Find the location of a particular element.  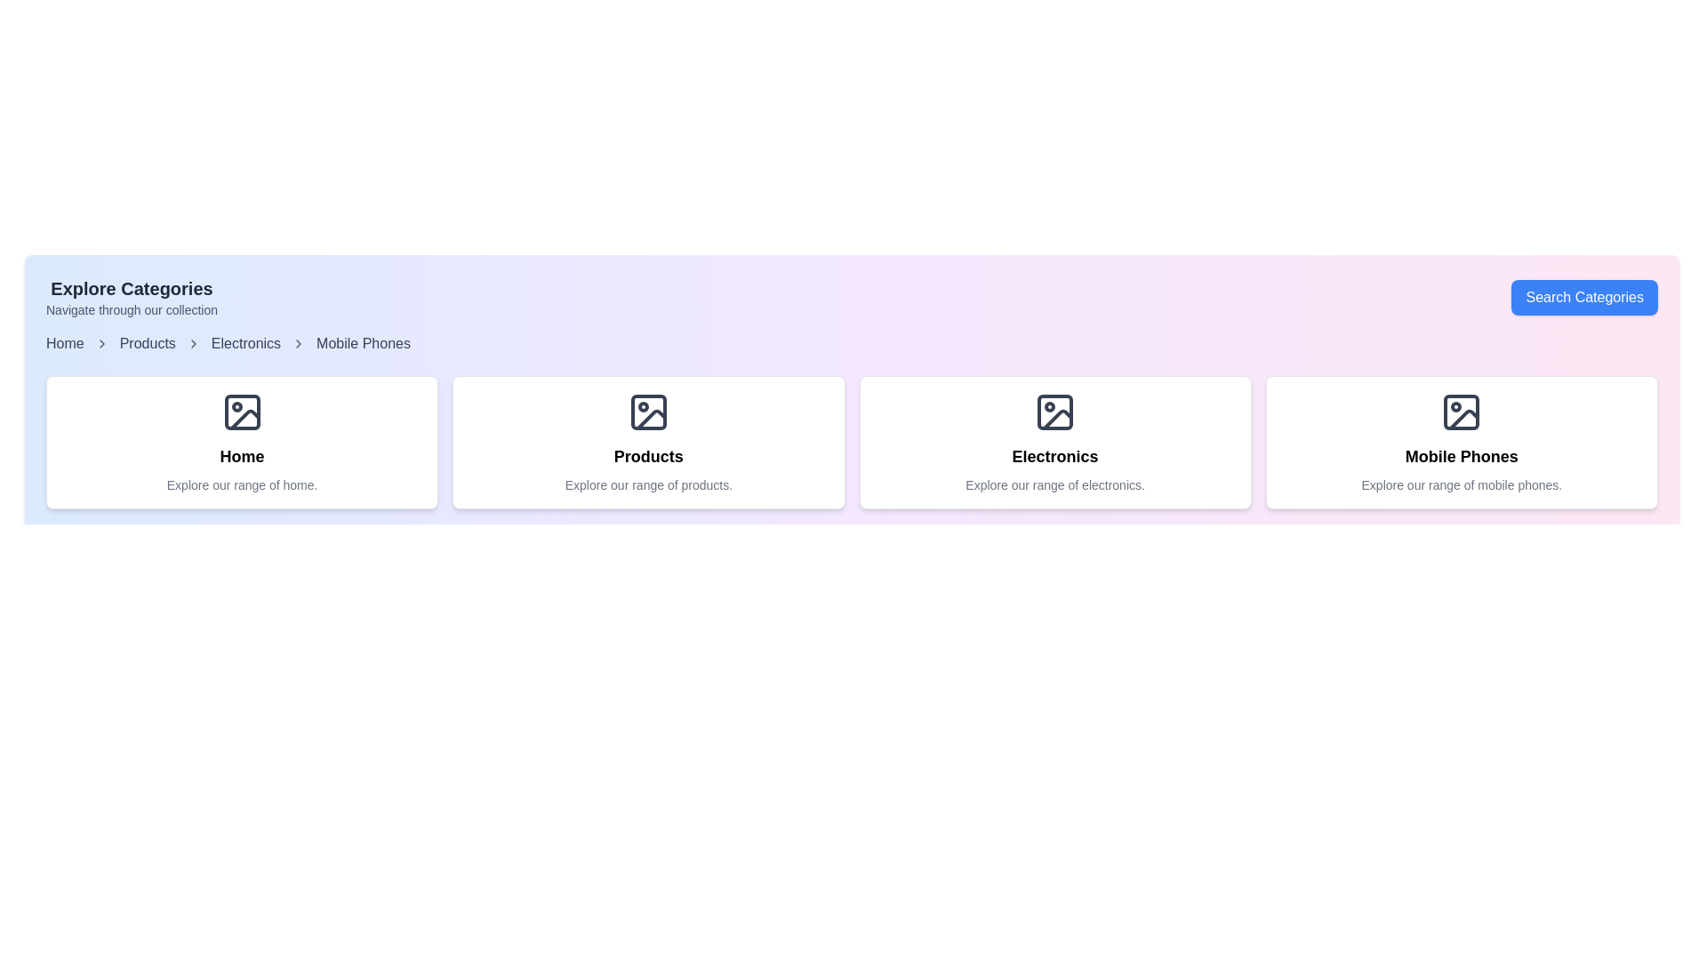

the static text label 'Products' which is styled in bold and centered alignment, located at the top of the middle card in a horizontal grid layout is located at coordinates (647, 455).